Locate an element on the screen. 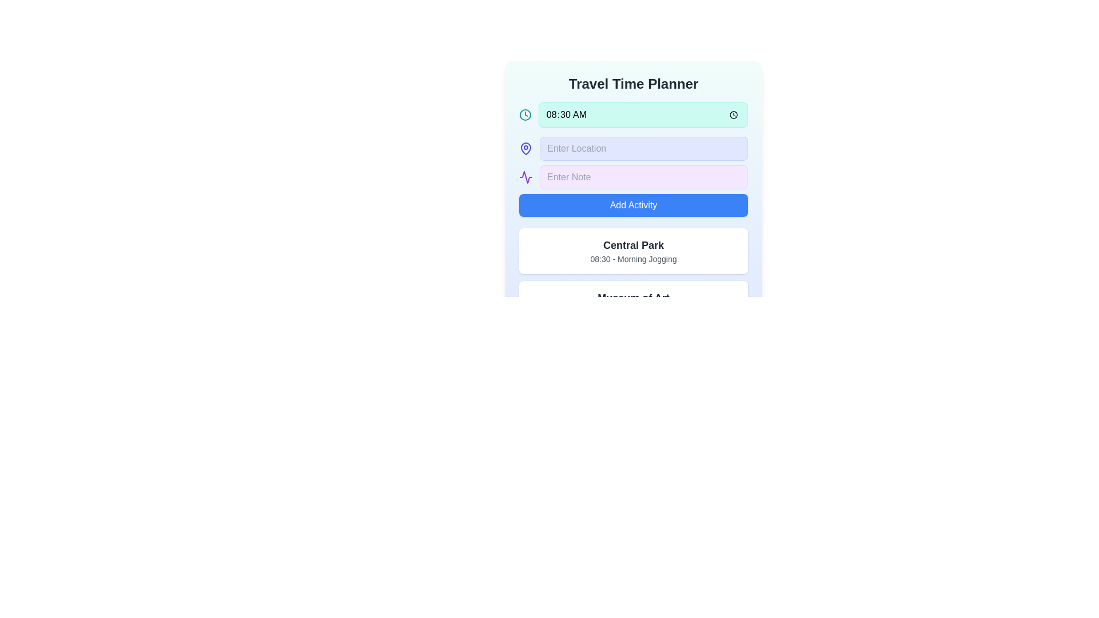  the Time picker display field, which has a light teal background and shows the time '08:30 AM' in the center is located at coordinates (633, 114).